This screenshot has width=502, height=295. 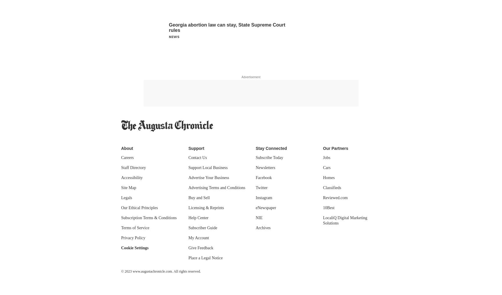 I want to click on 'Cars', so click(x=326, y=167).